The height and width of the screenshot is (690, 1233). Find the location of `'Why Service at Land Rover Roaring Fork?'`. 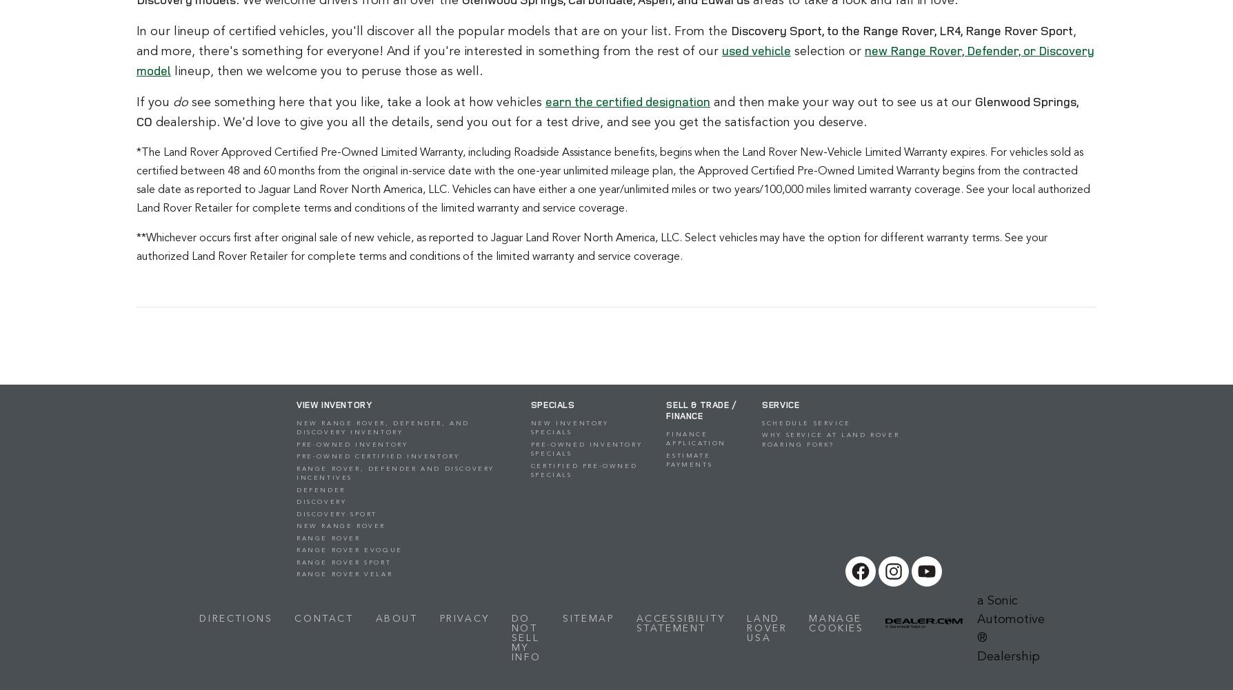

'Why Service at Land Rover Roaring Fork?' is located at coordinates (830, 440).